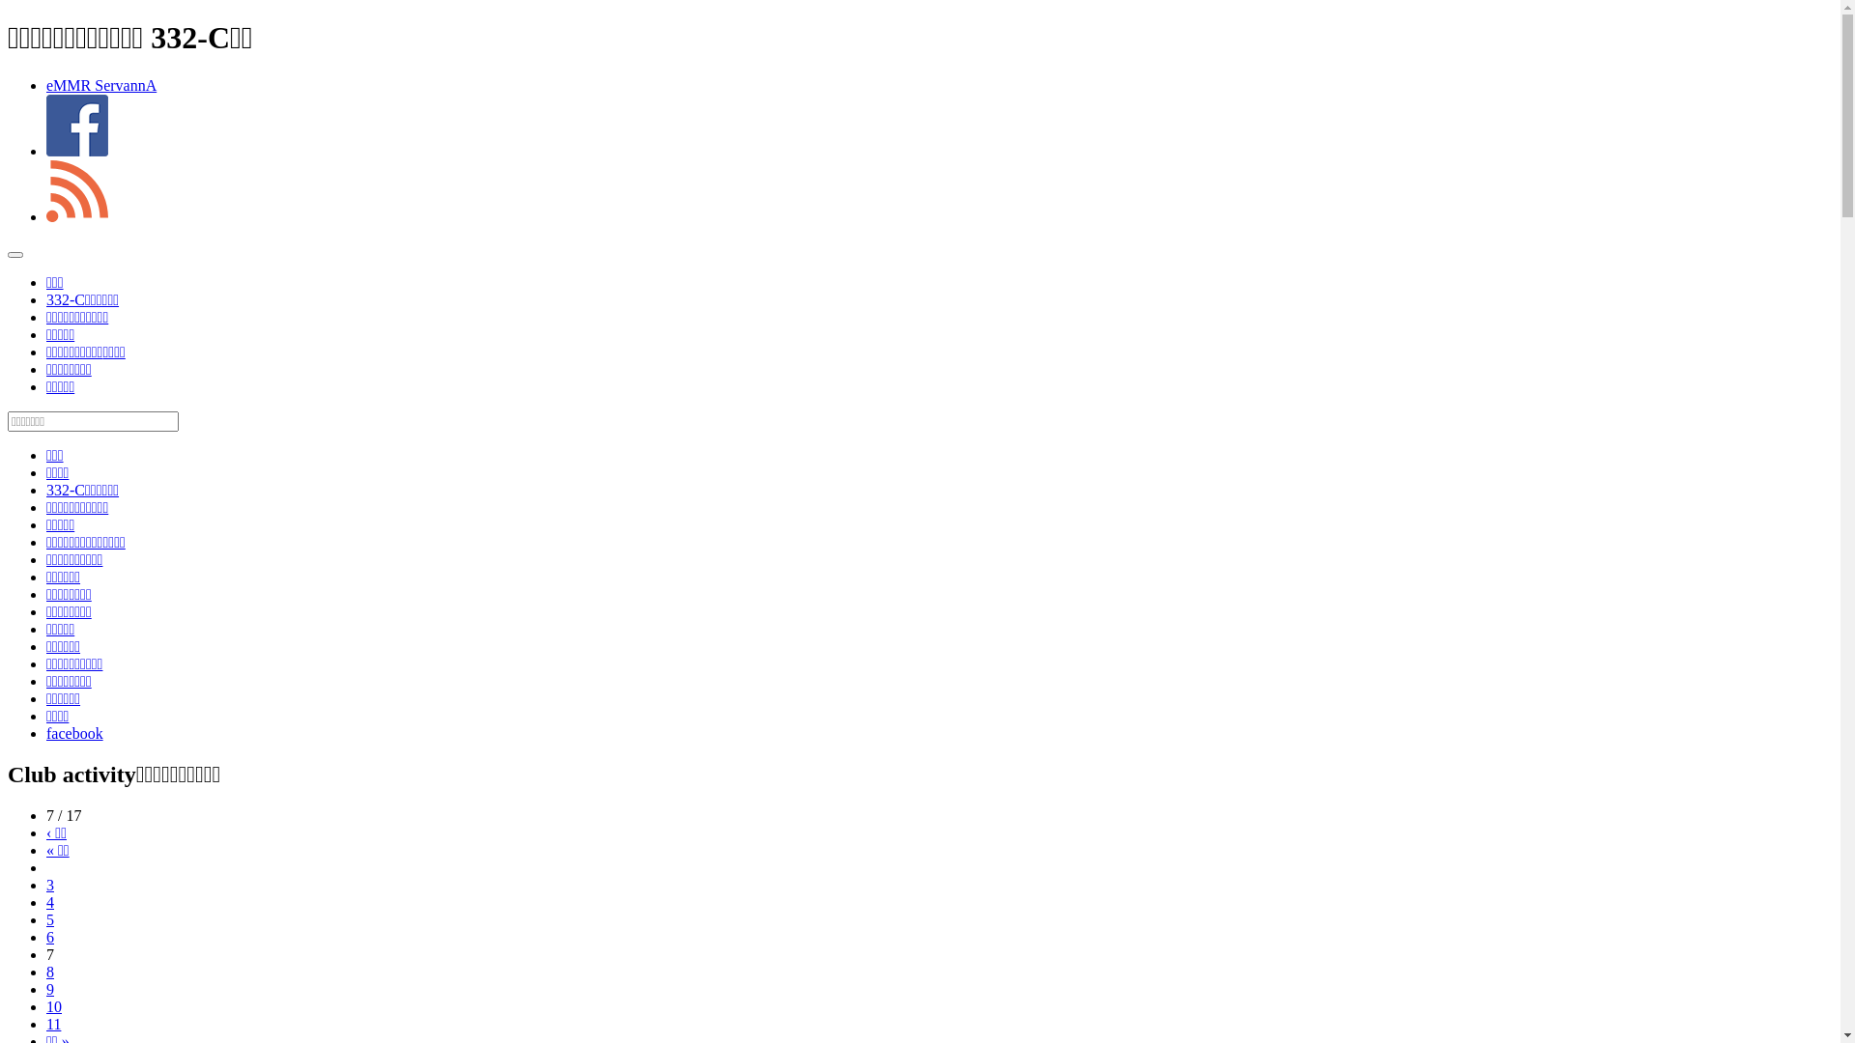 The height and width of the screenshot is (1043, 1855). Describe the element at coordinates (50, 972) in the screenshot. I see `'8'` at that location.